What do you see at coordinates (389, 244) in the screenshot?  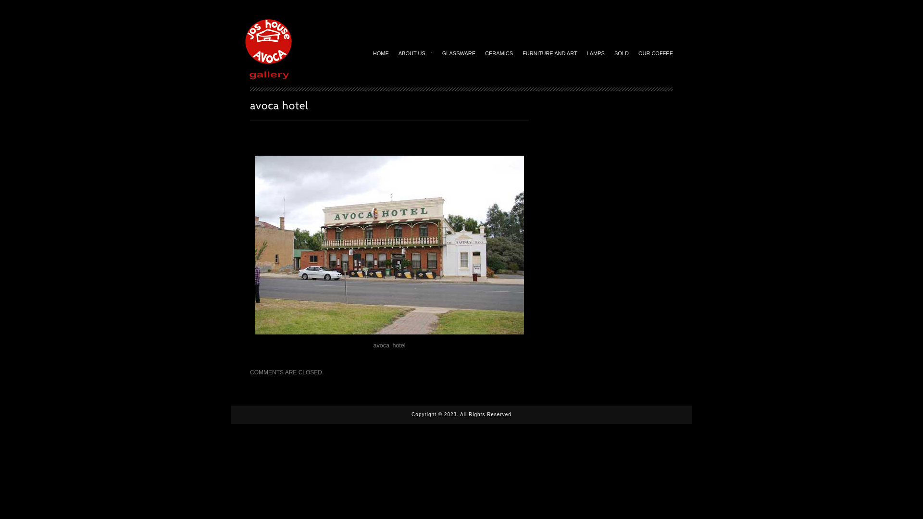 I see `'the local watering hole'` at bounding box center [389, 244].